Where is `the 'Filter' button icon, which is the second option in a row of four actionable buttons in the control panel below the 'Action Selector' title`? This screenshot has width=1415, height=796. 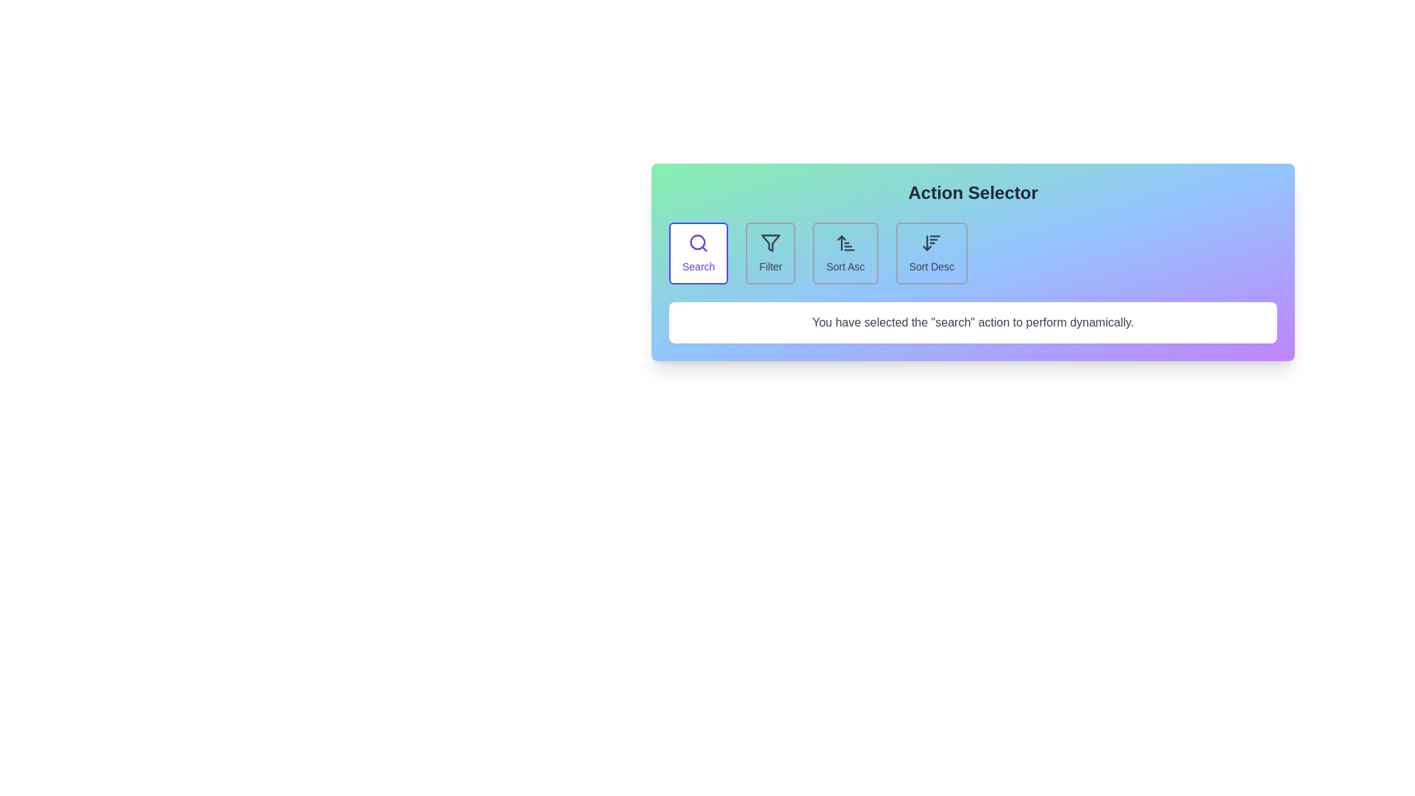 the 'Filter' button icon, which is the second option in a row of four actionable buttons in the control panel below the 'Action Selector' title is located at coordinates (770, 242).